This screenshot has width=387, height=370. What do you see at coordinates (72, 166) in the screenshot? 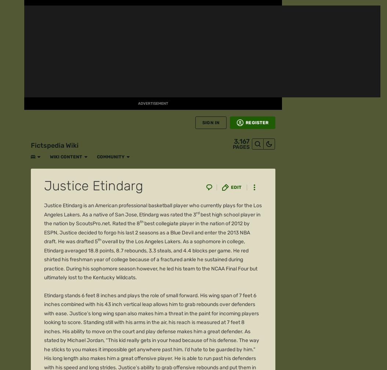
I see `'Twelve Demon Moons'` at bounding box center [72, 166].